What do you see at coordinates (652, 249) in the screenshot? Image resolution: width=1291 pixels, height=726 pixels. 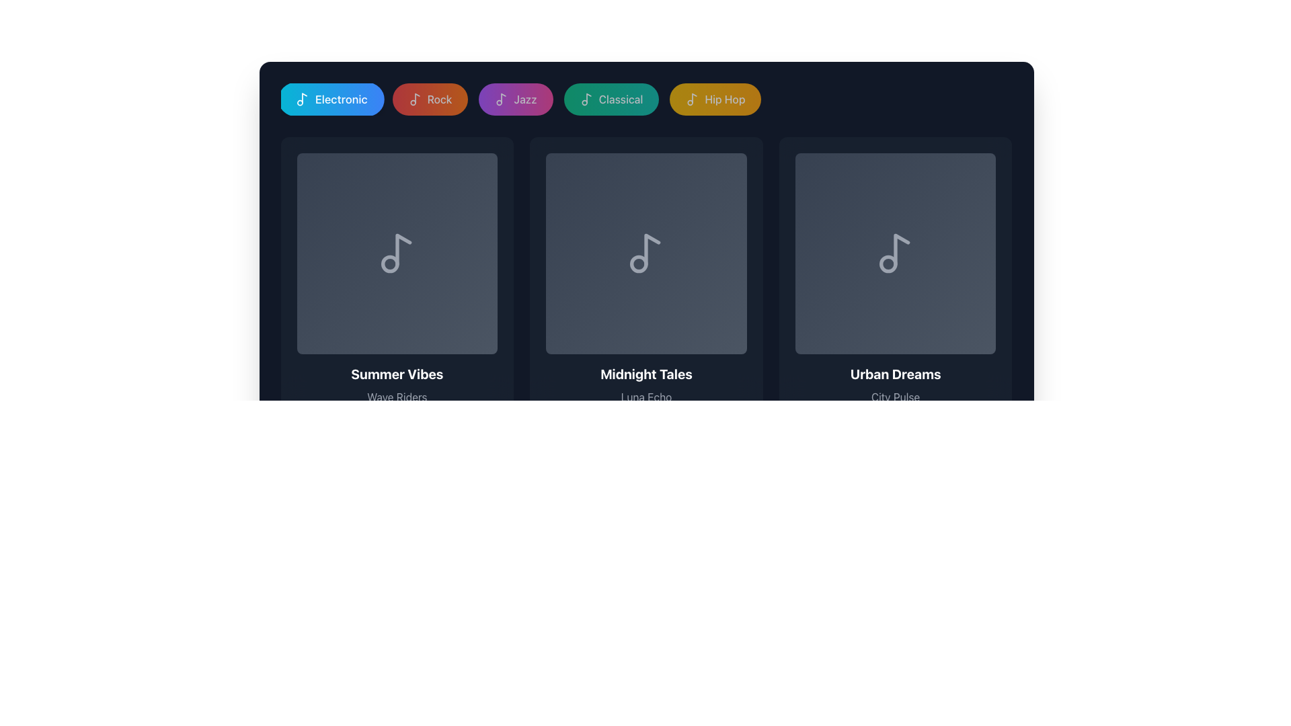 I see `the decorative music vector graphic icon located at the center of the 'Midnight Tales' card, positioned above the text label` at bounding box center [652, 249].